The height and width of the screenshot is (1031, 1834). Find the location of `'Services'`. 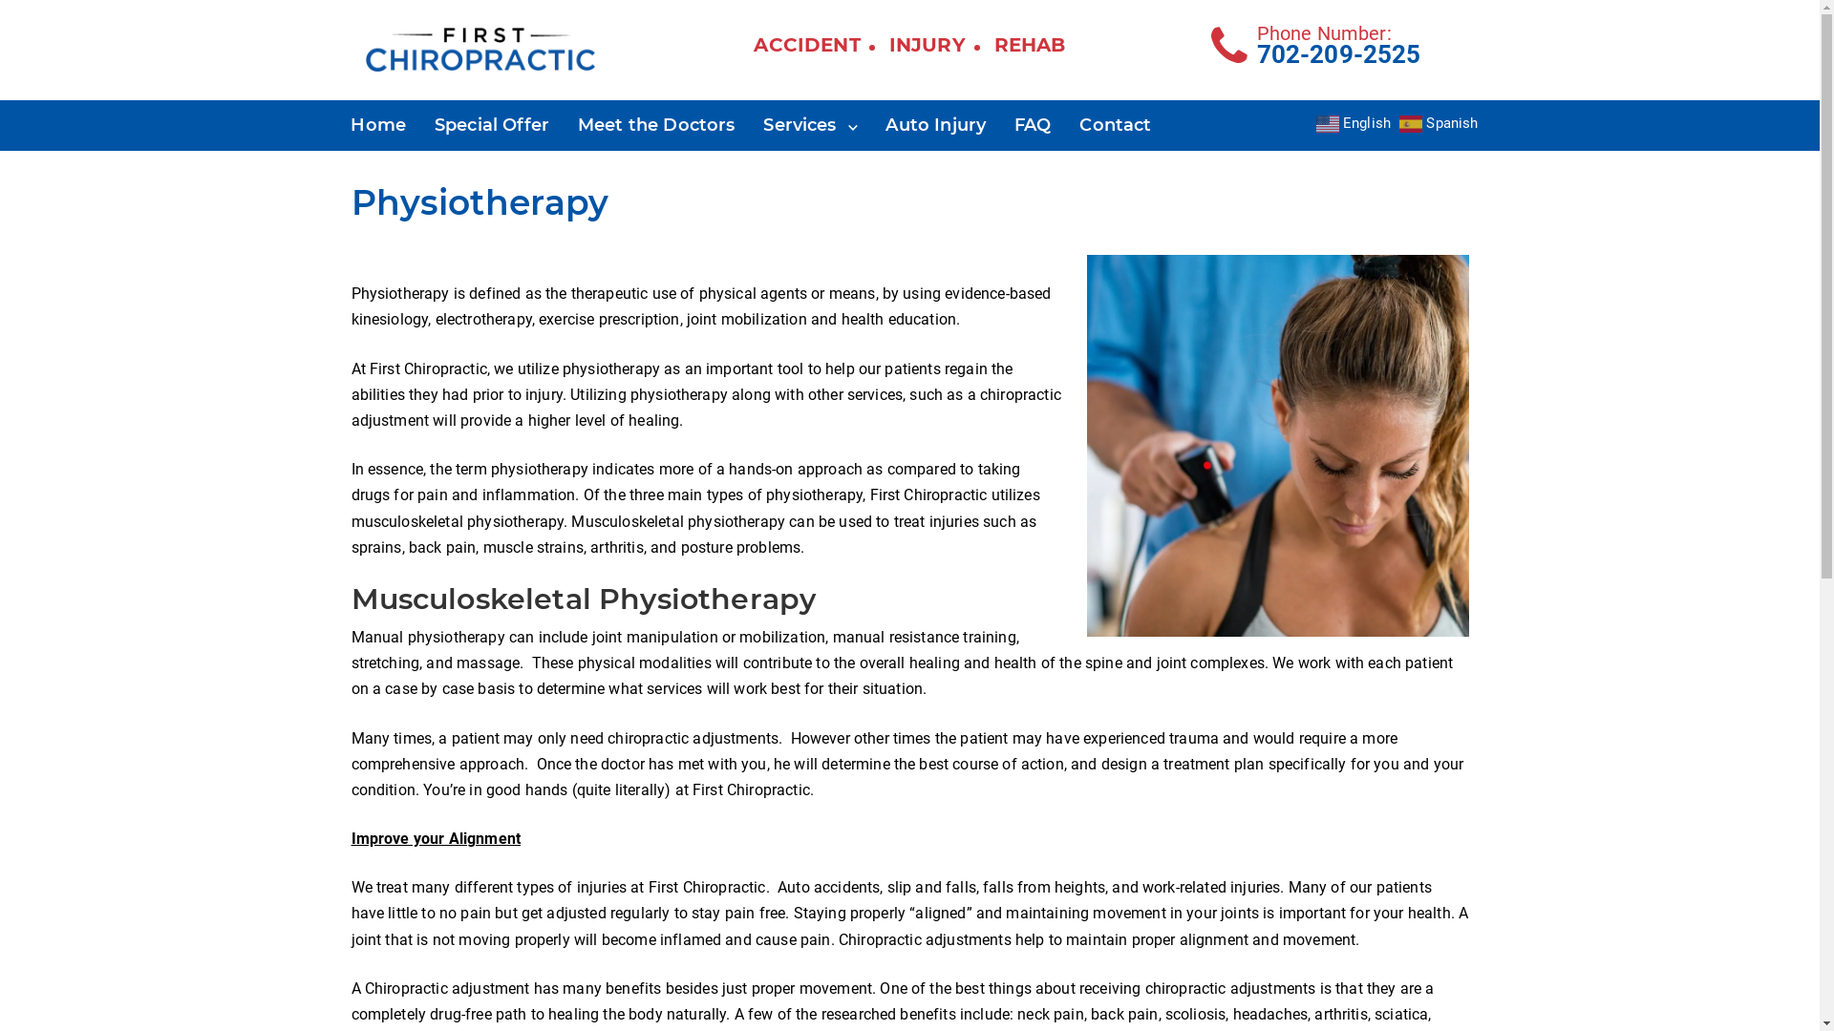

'Services' is located at coordinates (810, 125).